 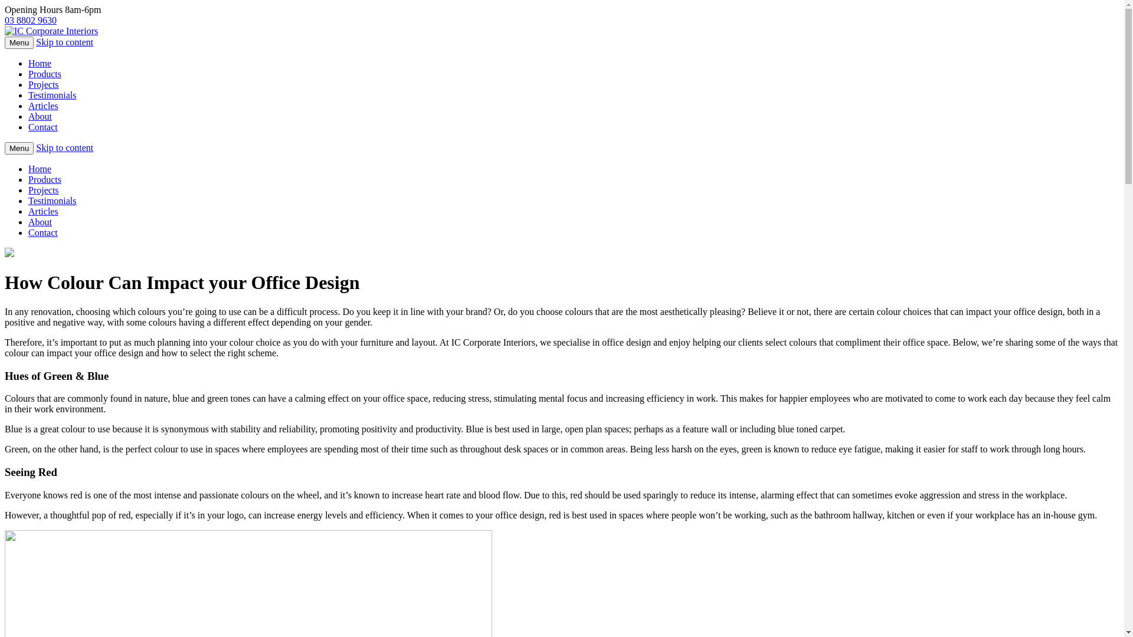 I want to click on 'Skip to content', so click(x=64, y=147).